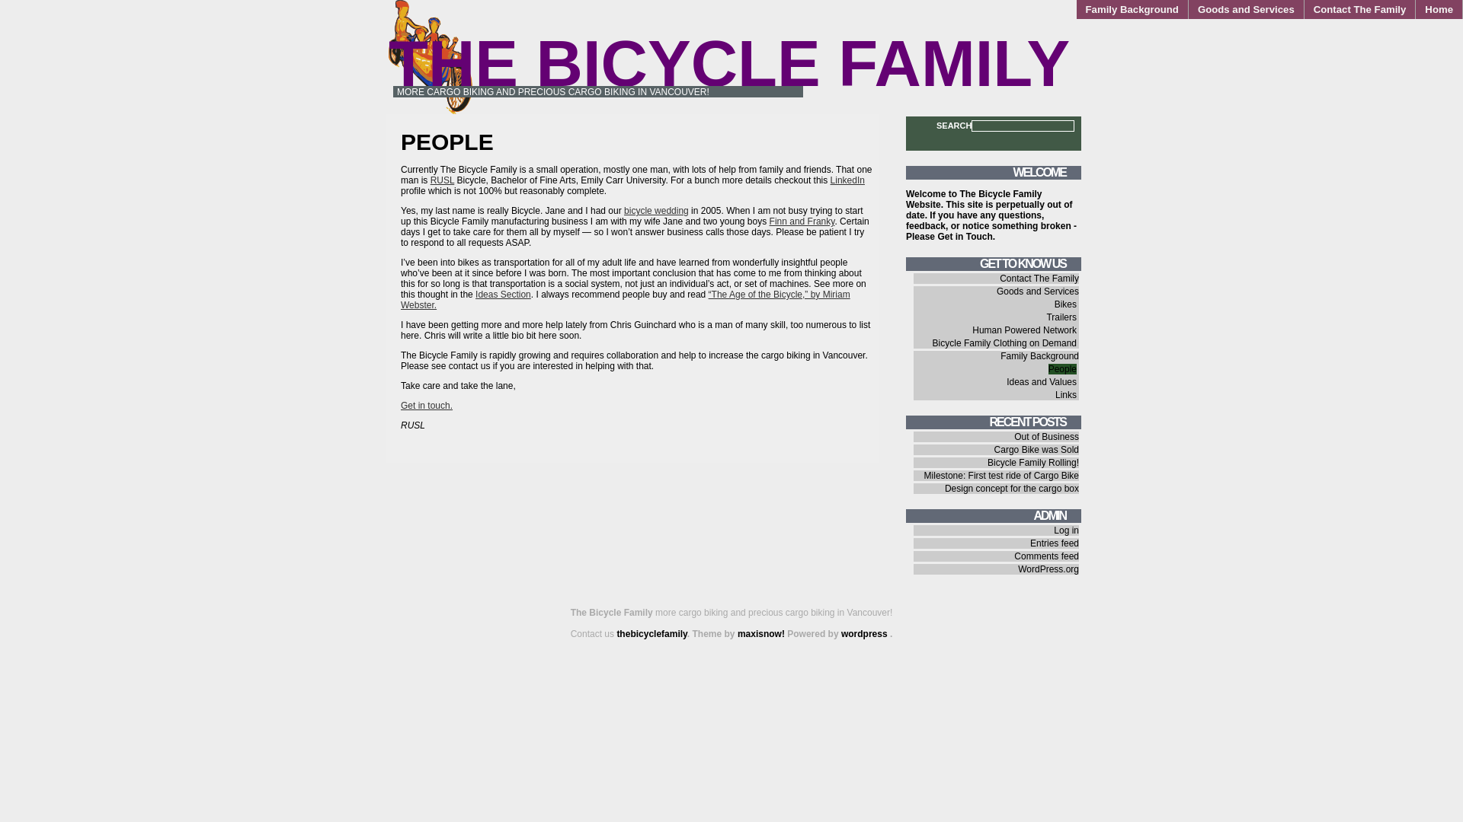  What do you see at coordinates (656, 211) in the screenshot?
I see `'bicycle wedding'` at bounding box center [656, 211].